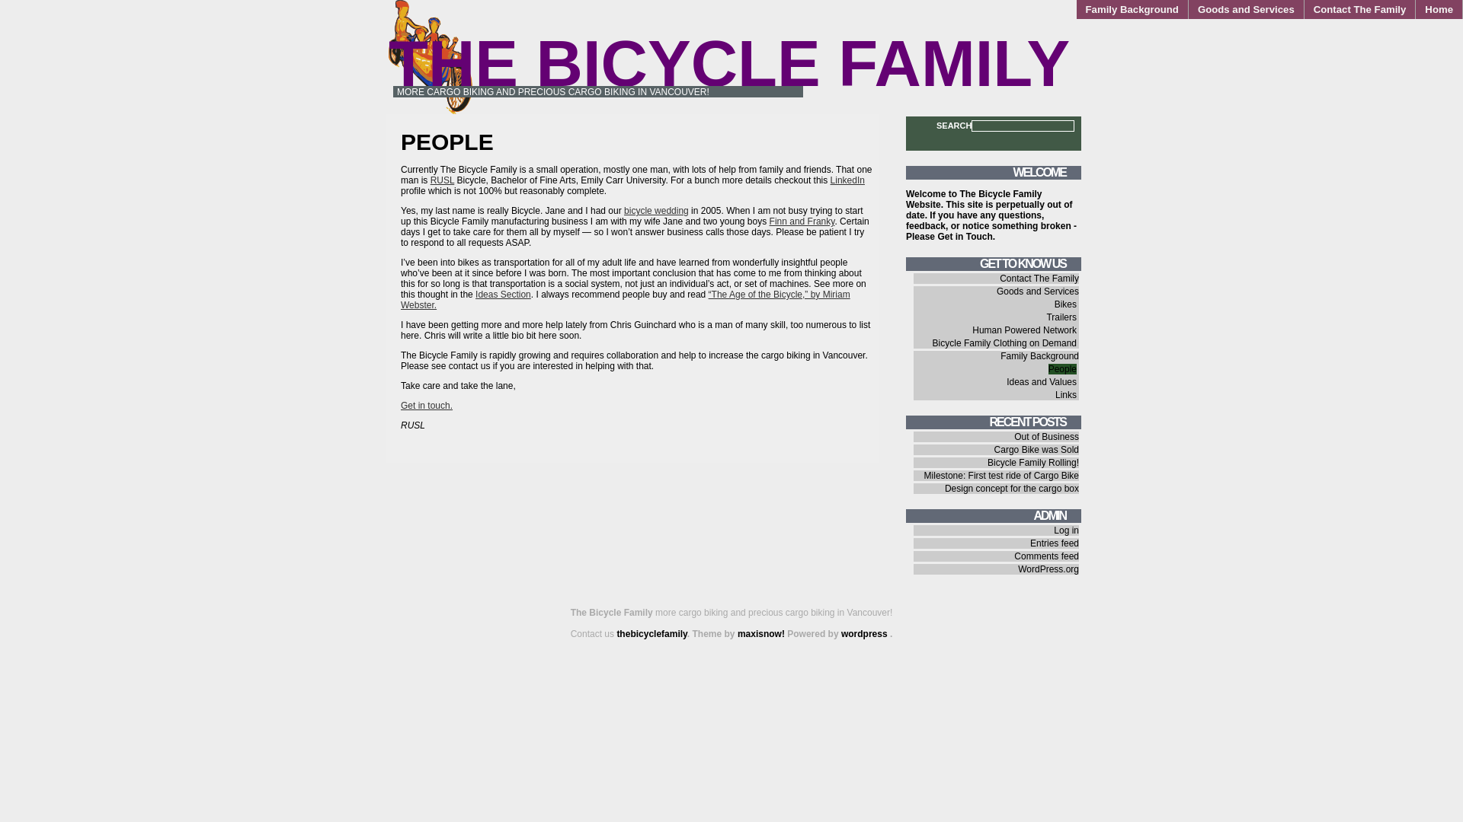  What do you see at coordinates (656, 211) in the screenshot?
I see `'bicycle wedding'` at bounding box center [656, 211].